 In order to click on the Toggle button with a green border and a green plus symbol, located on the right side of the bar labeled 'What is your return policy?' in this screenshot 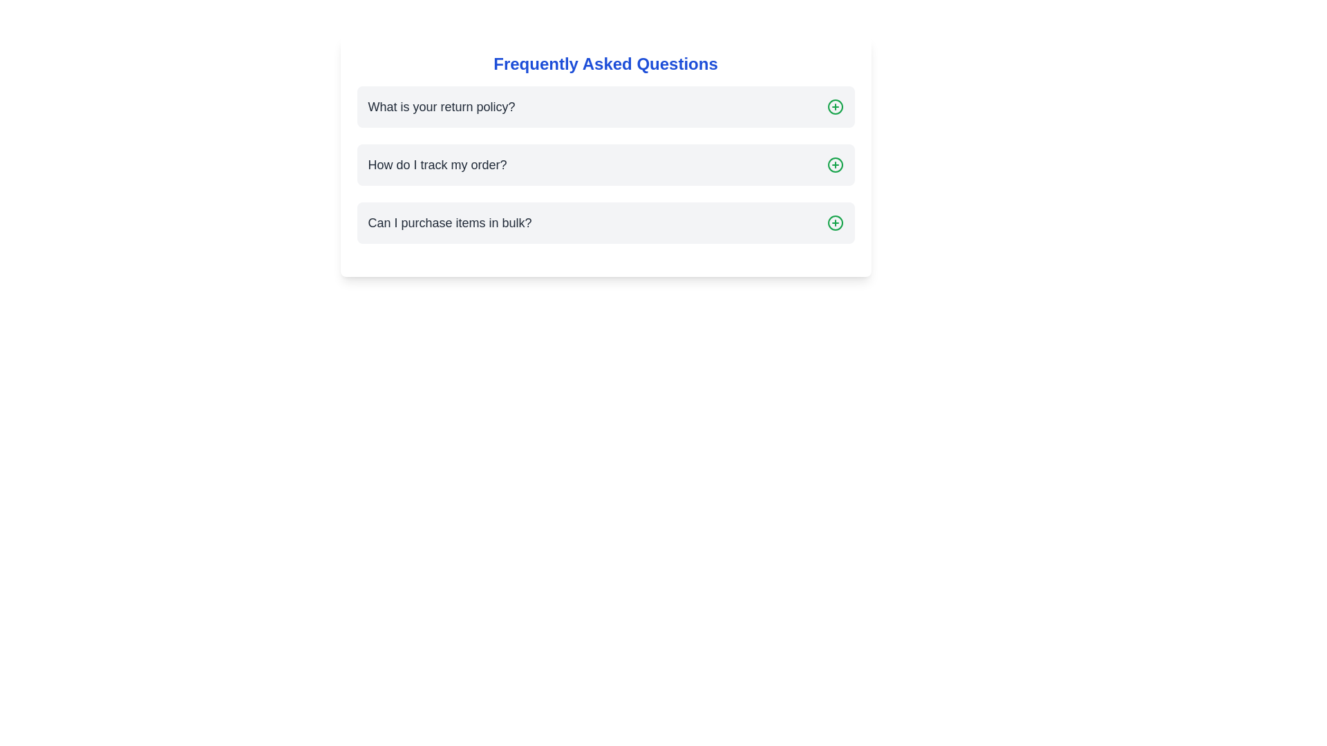, I will do `click(834, 106)`.